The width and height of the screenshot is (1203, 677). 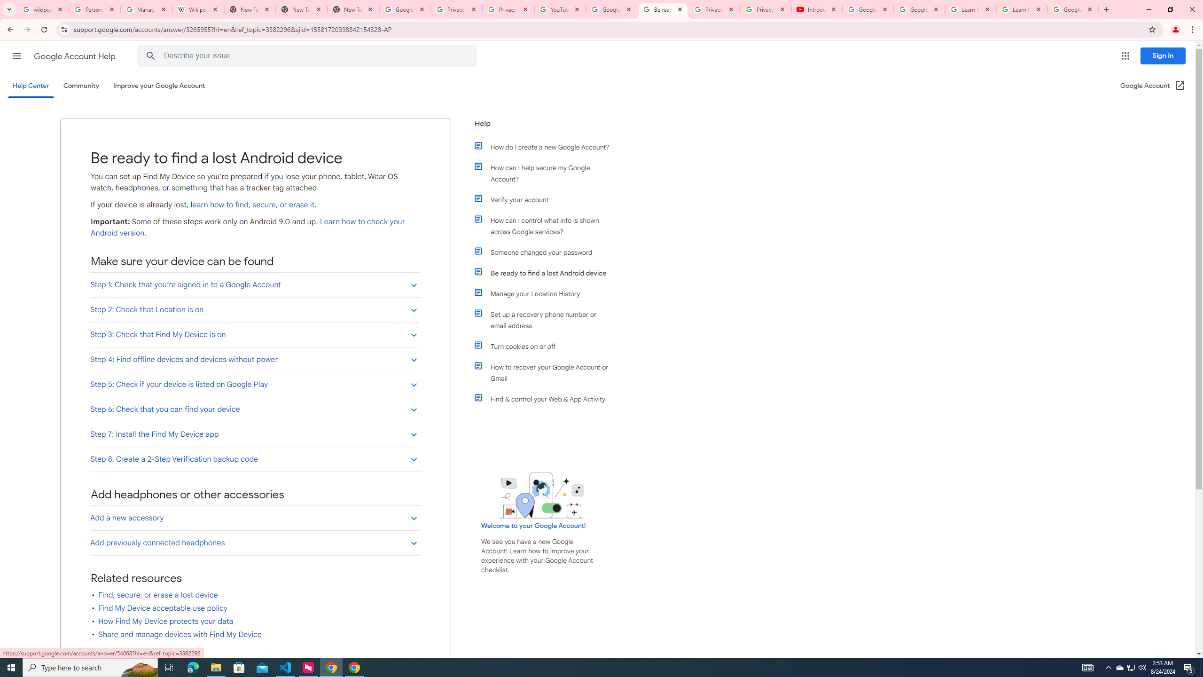 I want to click on 'Learn how to check your Android version', so click(x=247, y=227).